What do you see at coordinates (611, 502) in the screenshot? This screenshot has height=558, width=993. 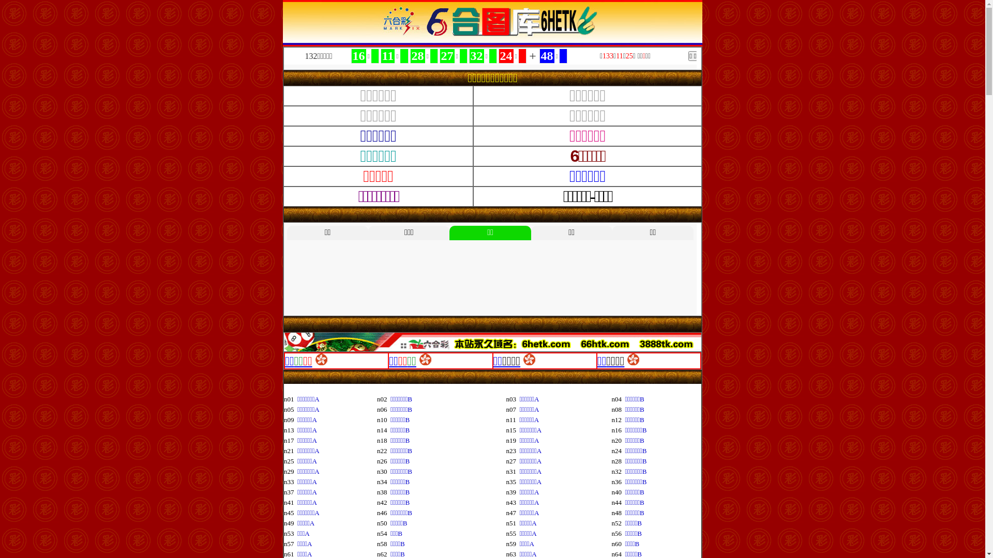 I see `'n44 '` at bounding box center [611, 502].